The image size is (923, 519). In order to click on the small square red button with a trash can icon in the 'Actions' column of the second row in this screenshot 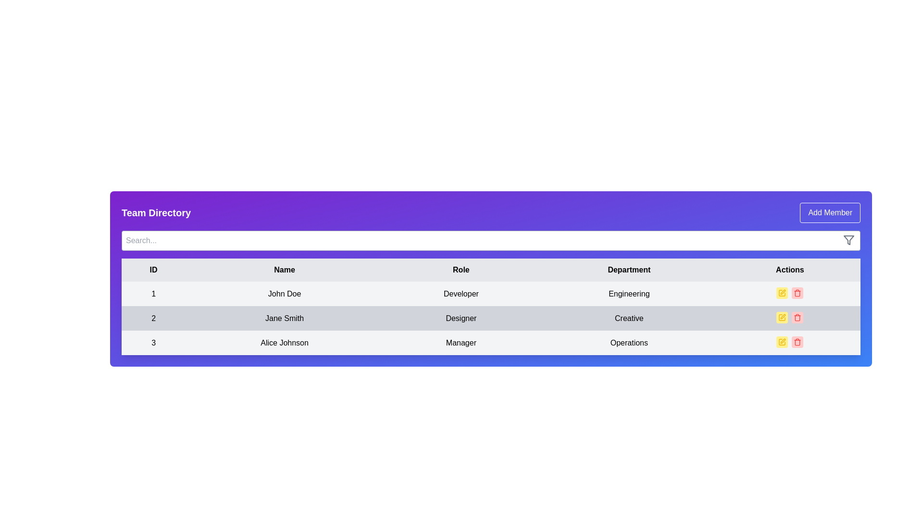, I will do `click(798, 317)`.